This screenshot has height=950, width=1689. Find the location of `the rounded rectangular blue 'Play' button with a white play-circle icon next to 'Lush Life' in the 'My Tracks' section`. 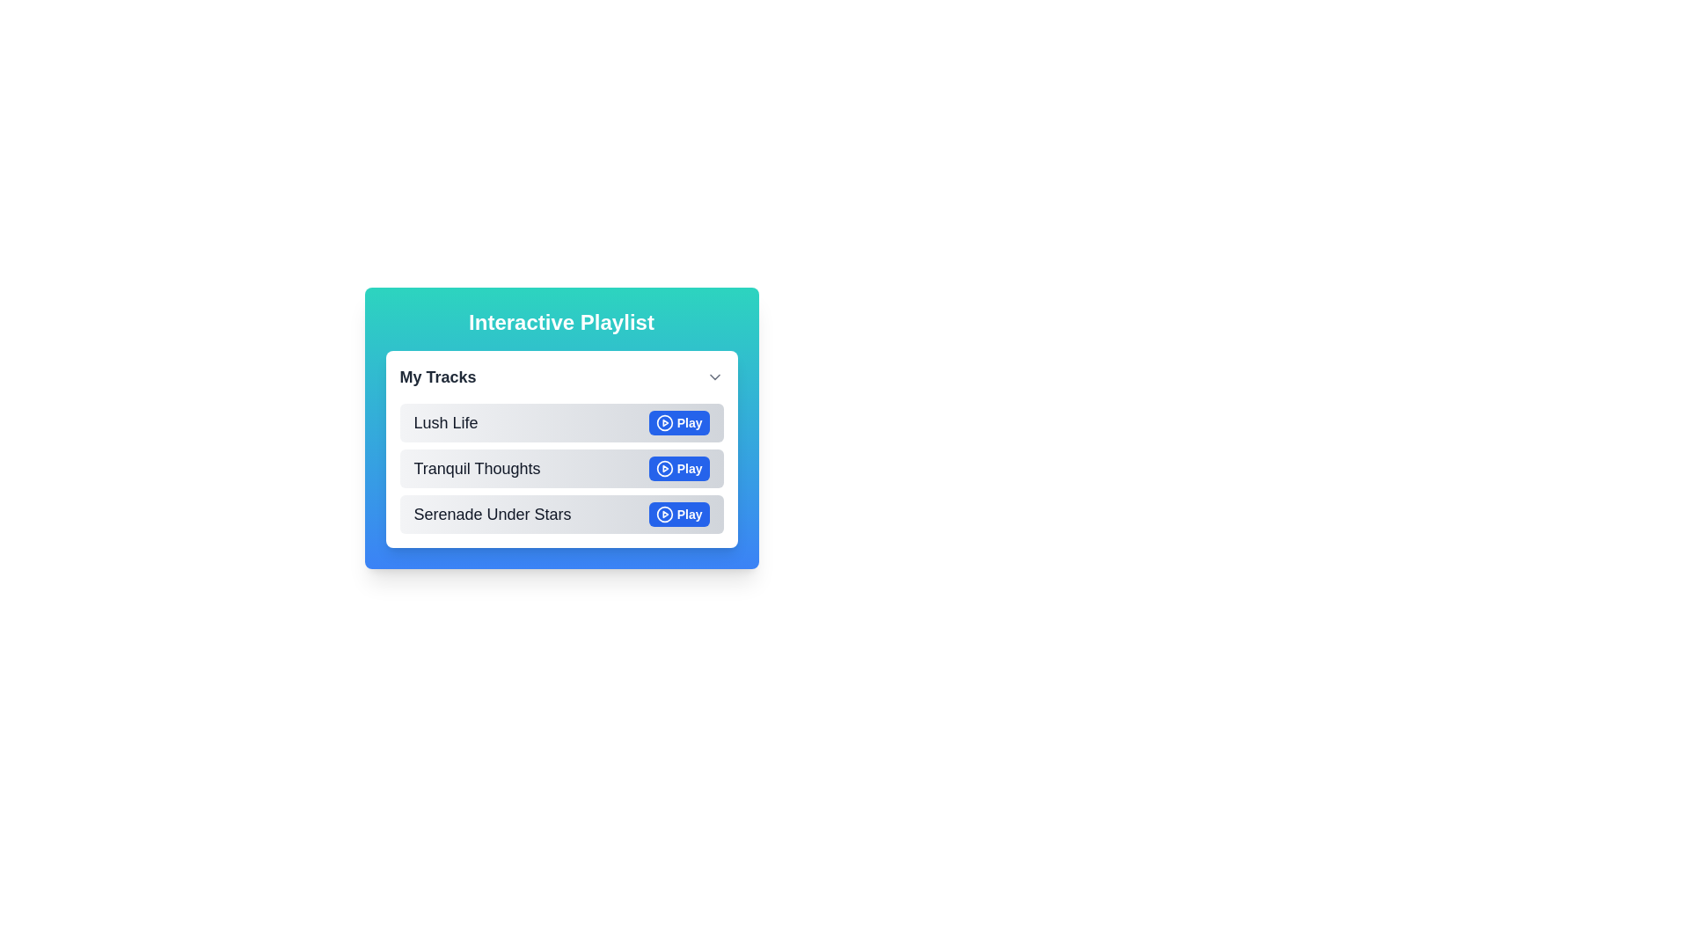

the rounded rectangular blue 'Play' button with a white play-circle icon next to 'Lush Life' in the 'My Tracks' section is located at coordinates (678, 423).